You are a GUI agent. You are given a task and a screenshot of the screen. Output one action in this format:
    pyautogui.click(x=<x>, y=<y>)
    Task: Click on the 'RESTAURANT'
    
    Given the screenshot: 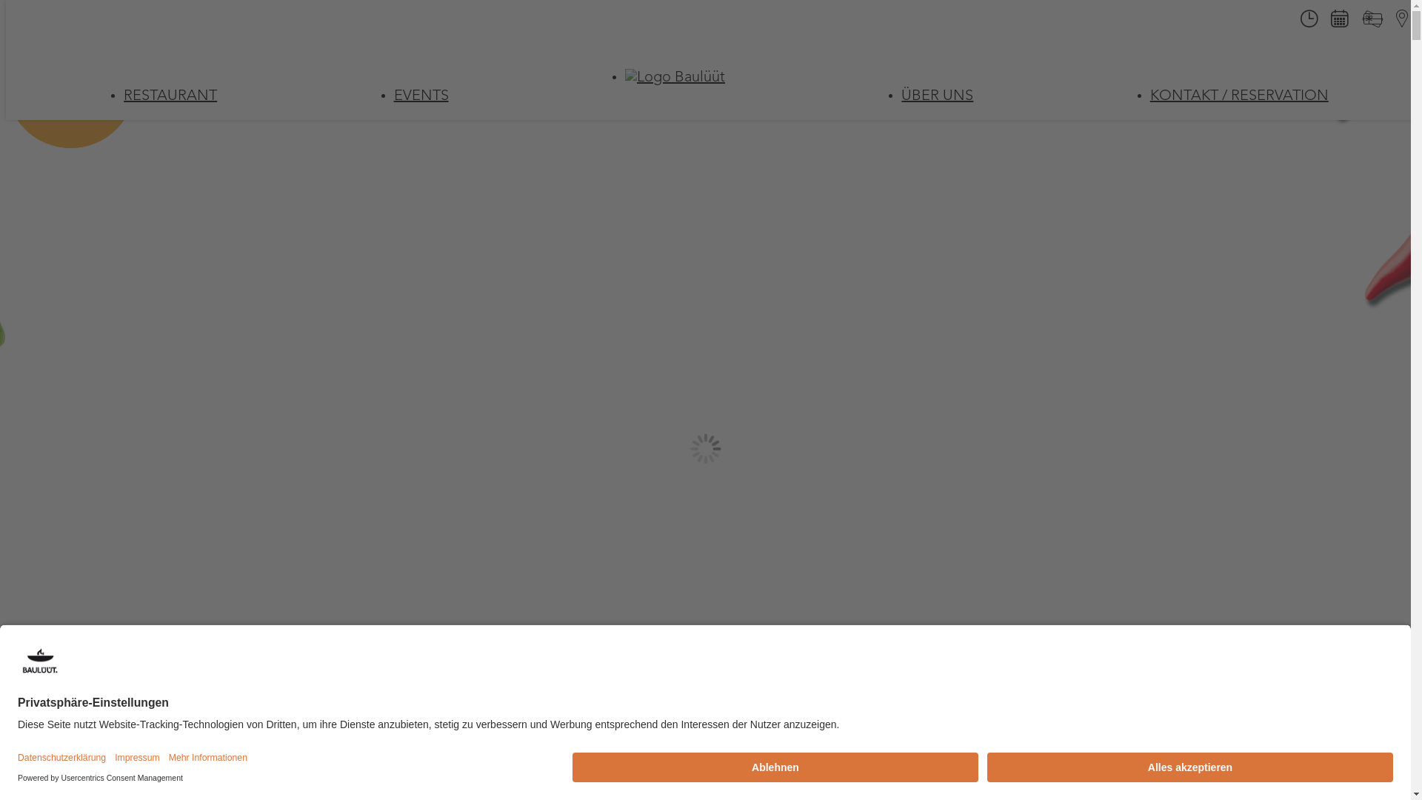 What is the action you would take?
    pyautogui.click(x=170, y=96)
    